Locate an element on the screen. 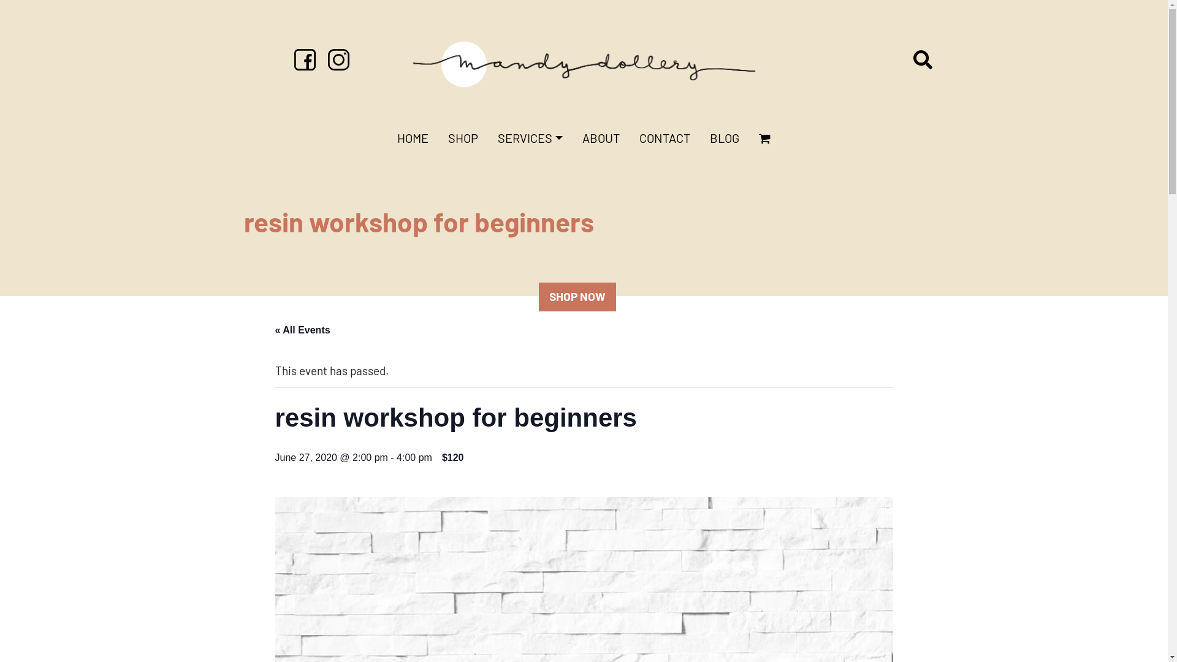  'HOME' is located at coordinates (413, 137).